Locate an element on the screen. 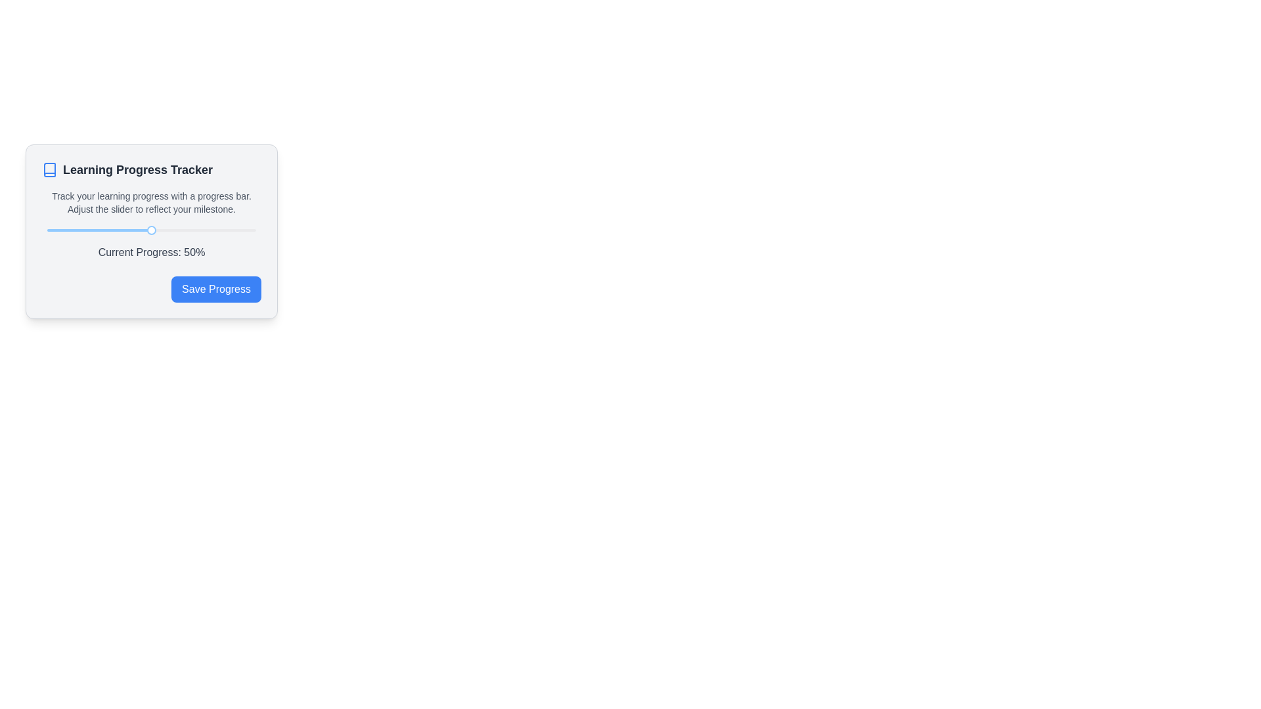 This screenshot has width=1261, height=709. the slider value is located at coordinates (176, 230).